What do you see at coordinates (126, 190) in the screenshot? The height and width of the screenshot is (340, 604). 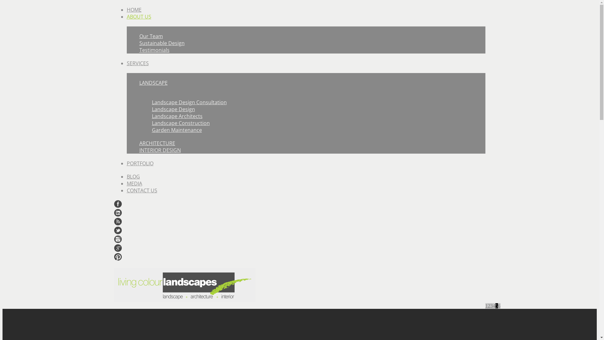 I see `'CONTACT US'` at bounding box center [126, 190].